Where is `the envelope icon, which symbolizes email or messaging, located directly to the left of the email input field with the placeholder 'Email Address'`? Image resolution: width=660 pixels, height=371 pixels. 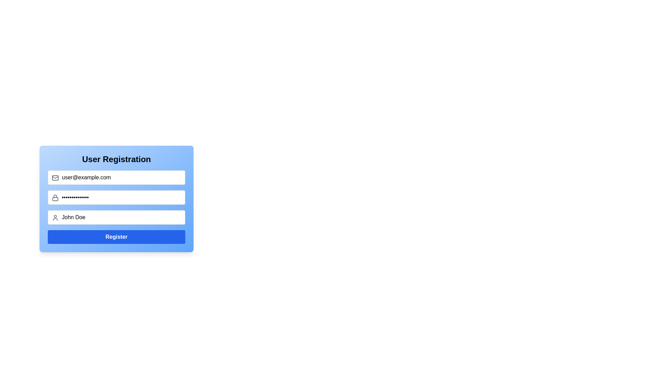 the envelope icon, which symbolizes email or messaging, located directly to the left of the email input field with the placeholder 'Email Address' is located at coordinates (55, 177).